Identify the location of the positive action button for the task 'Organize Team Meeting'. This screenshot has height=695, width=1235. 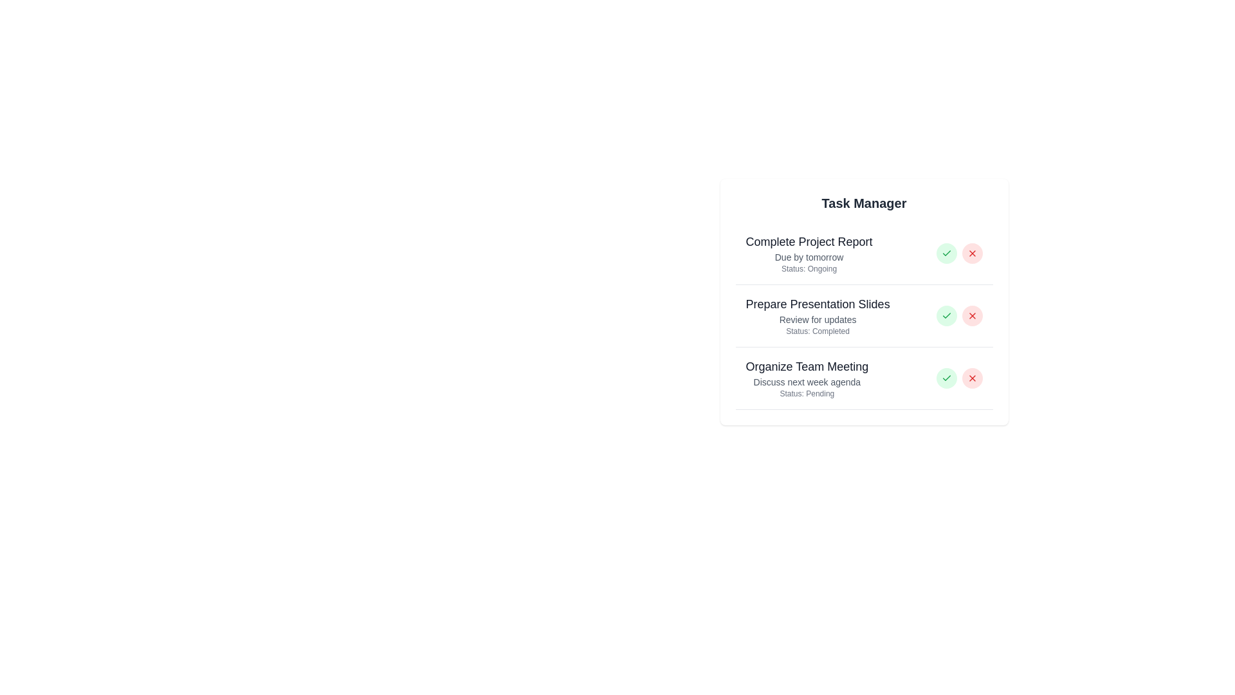
(946, 377).